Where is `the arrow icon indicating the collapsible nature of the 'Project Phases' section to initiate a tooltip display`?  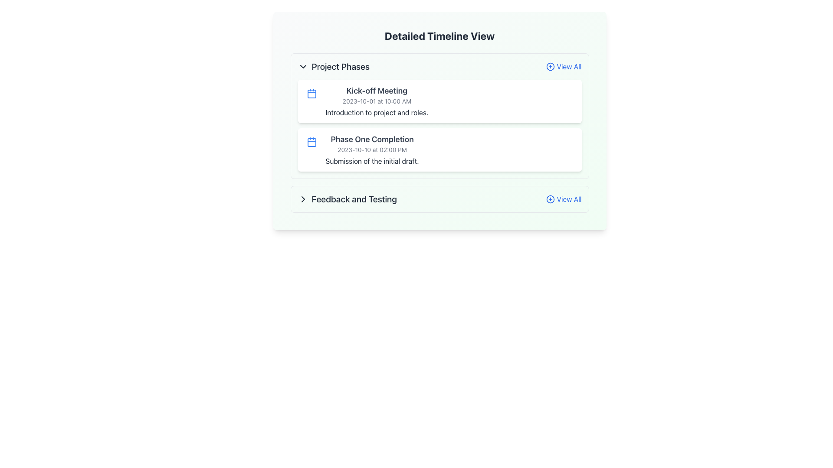
the arrow icon indicating the collapsible nature of the 'Project Phases' section to initiate a tooltip display is located at coordinates (303, 66).